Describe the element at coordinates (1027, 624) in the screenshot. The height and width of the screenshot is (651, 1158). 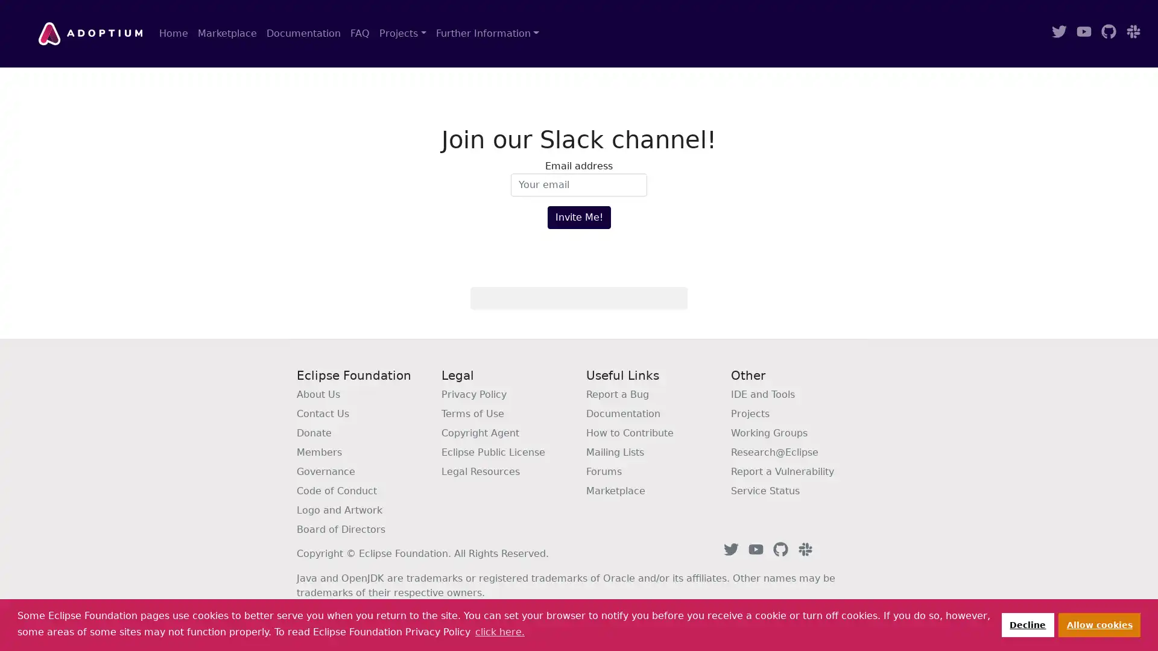
I see `deny cookies` at that location.